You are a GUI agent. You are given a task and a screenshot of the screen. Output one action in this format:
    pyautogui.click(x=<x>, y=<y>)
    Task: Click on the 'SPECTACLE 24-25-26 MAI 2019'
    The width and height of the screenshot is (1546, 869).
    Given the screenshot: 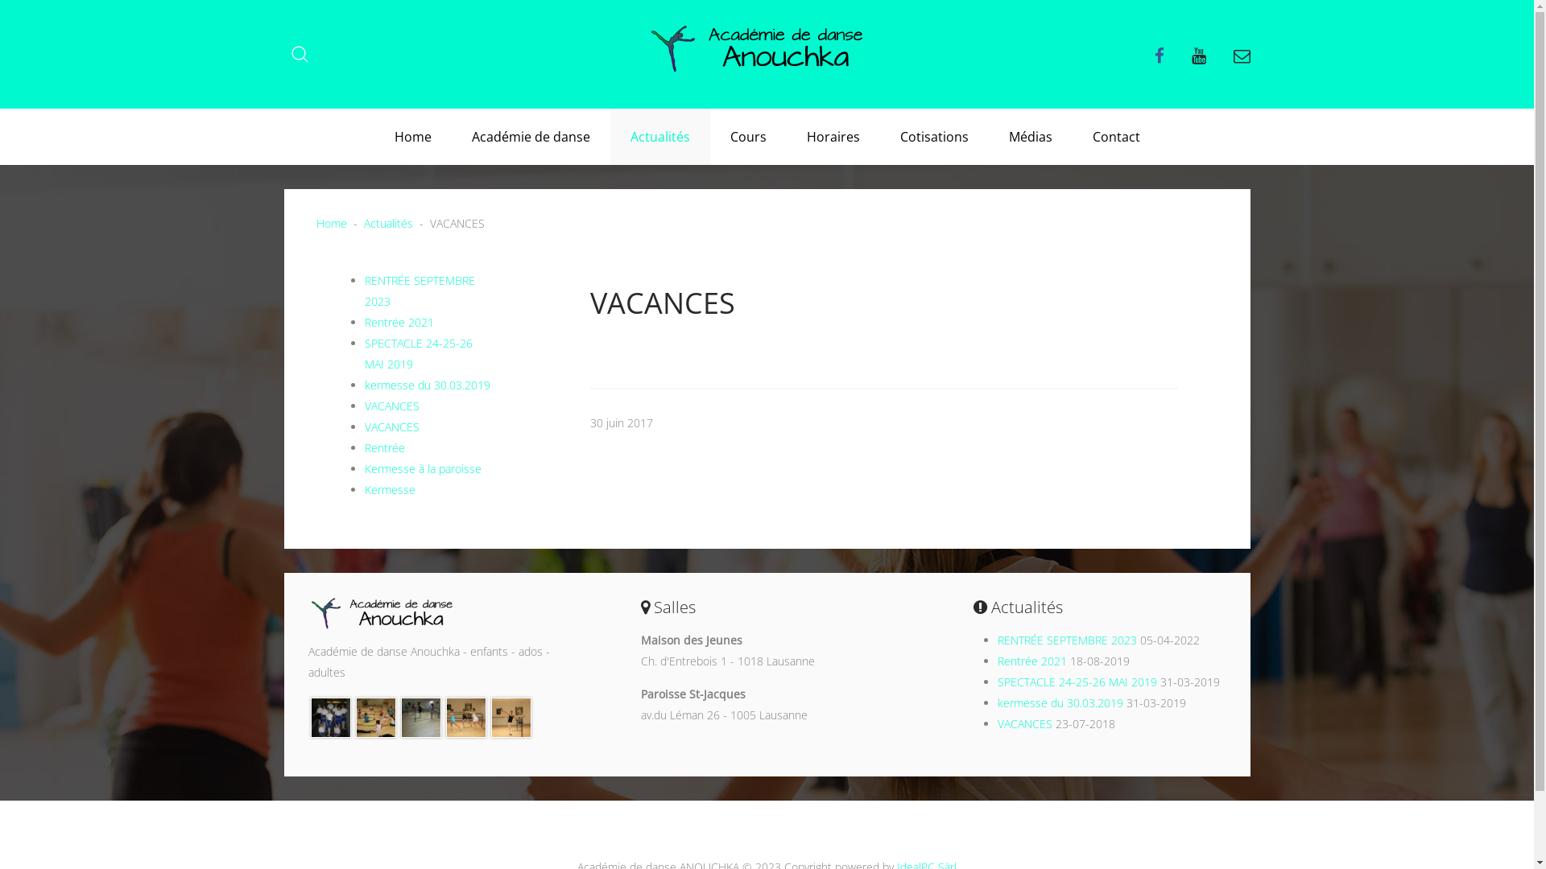 What is the action you would take?
    pyautogui.click(x=417, y=352)
    